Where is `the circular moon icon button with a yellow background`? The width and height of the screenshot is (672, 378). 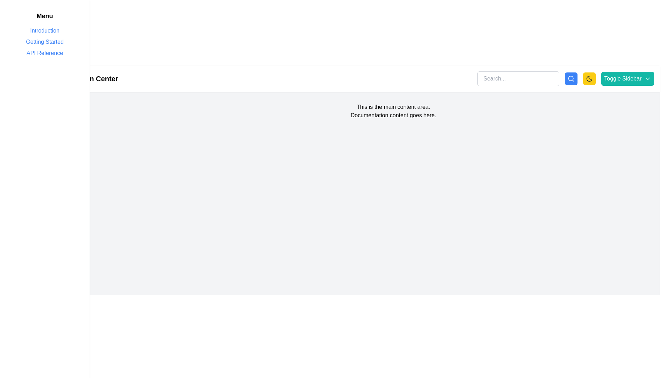 the circular moon icon button with a yellow background is located at coordinates (589, 78).